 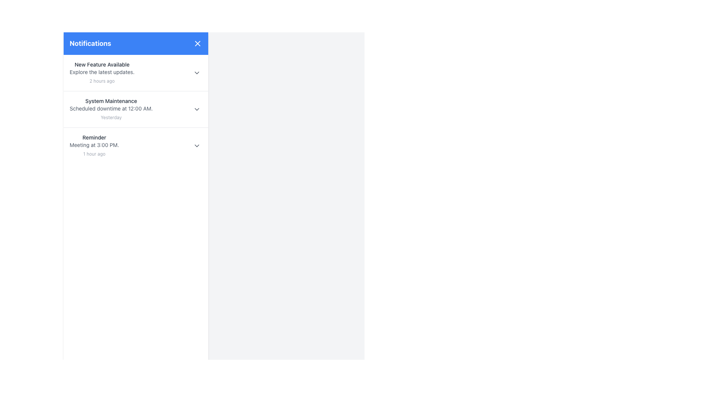 What do you see at coordinates (94, 145) in the screenshot?
I see `the text label that provides the specific time information for a scheduled meeting within the 'Reminder' notification card` at bounding box center [94, 145].